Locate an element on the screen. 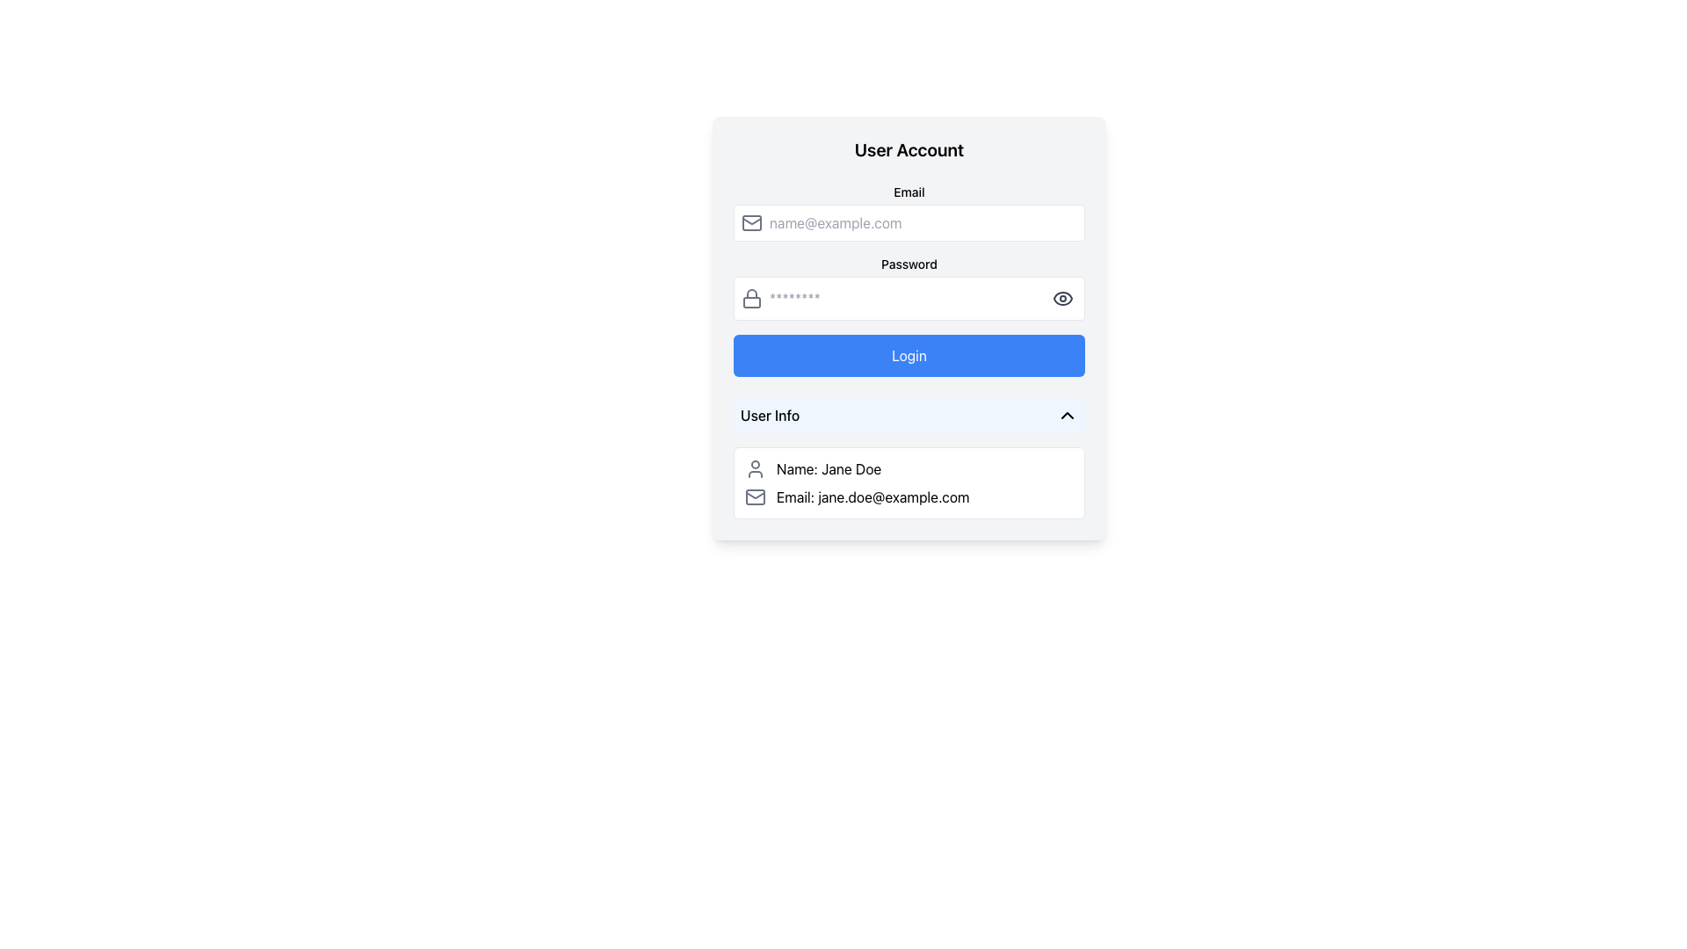 This screenshot has width=1687, height=949. the user icon resembling a person, which is a simplistic gray design located to the left of the text 'Name: Jane Doe' in the 'User Info' section is located at coordinates (755, 467).